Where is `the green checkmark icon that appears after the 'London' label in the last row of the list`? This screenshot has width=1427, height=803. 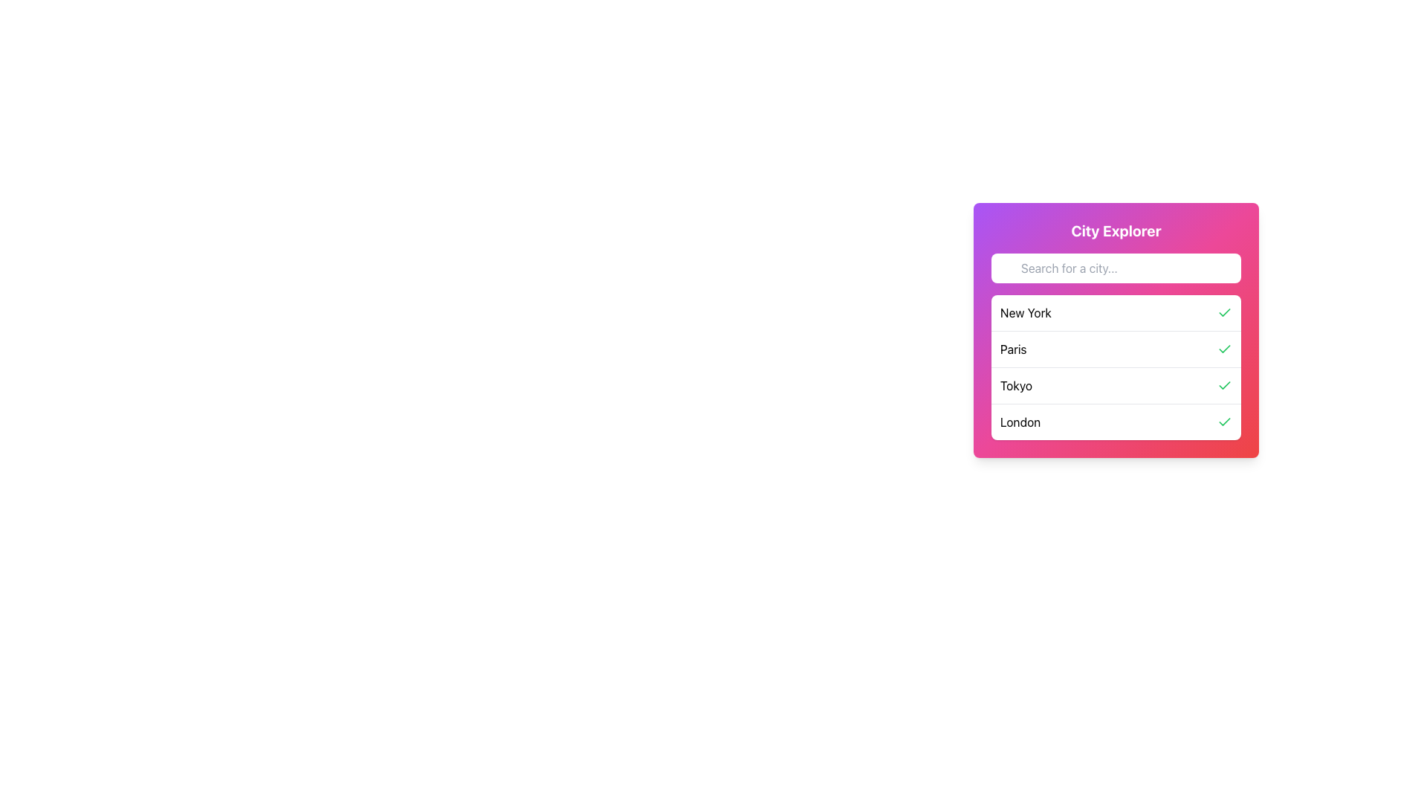
the green checkmark icon that appears after the 'London' label in the last row of the list is located at coordinates (1224, 422).